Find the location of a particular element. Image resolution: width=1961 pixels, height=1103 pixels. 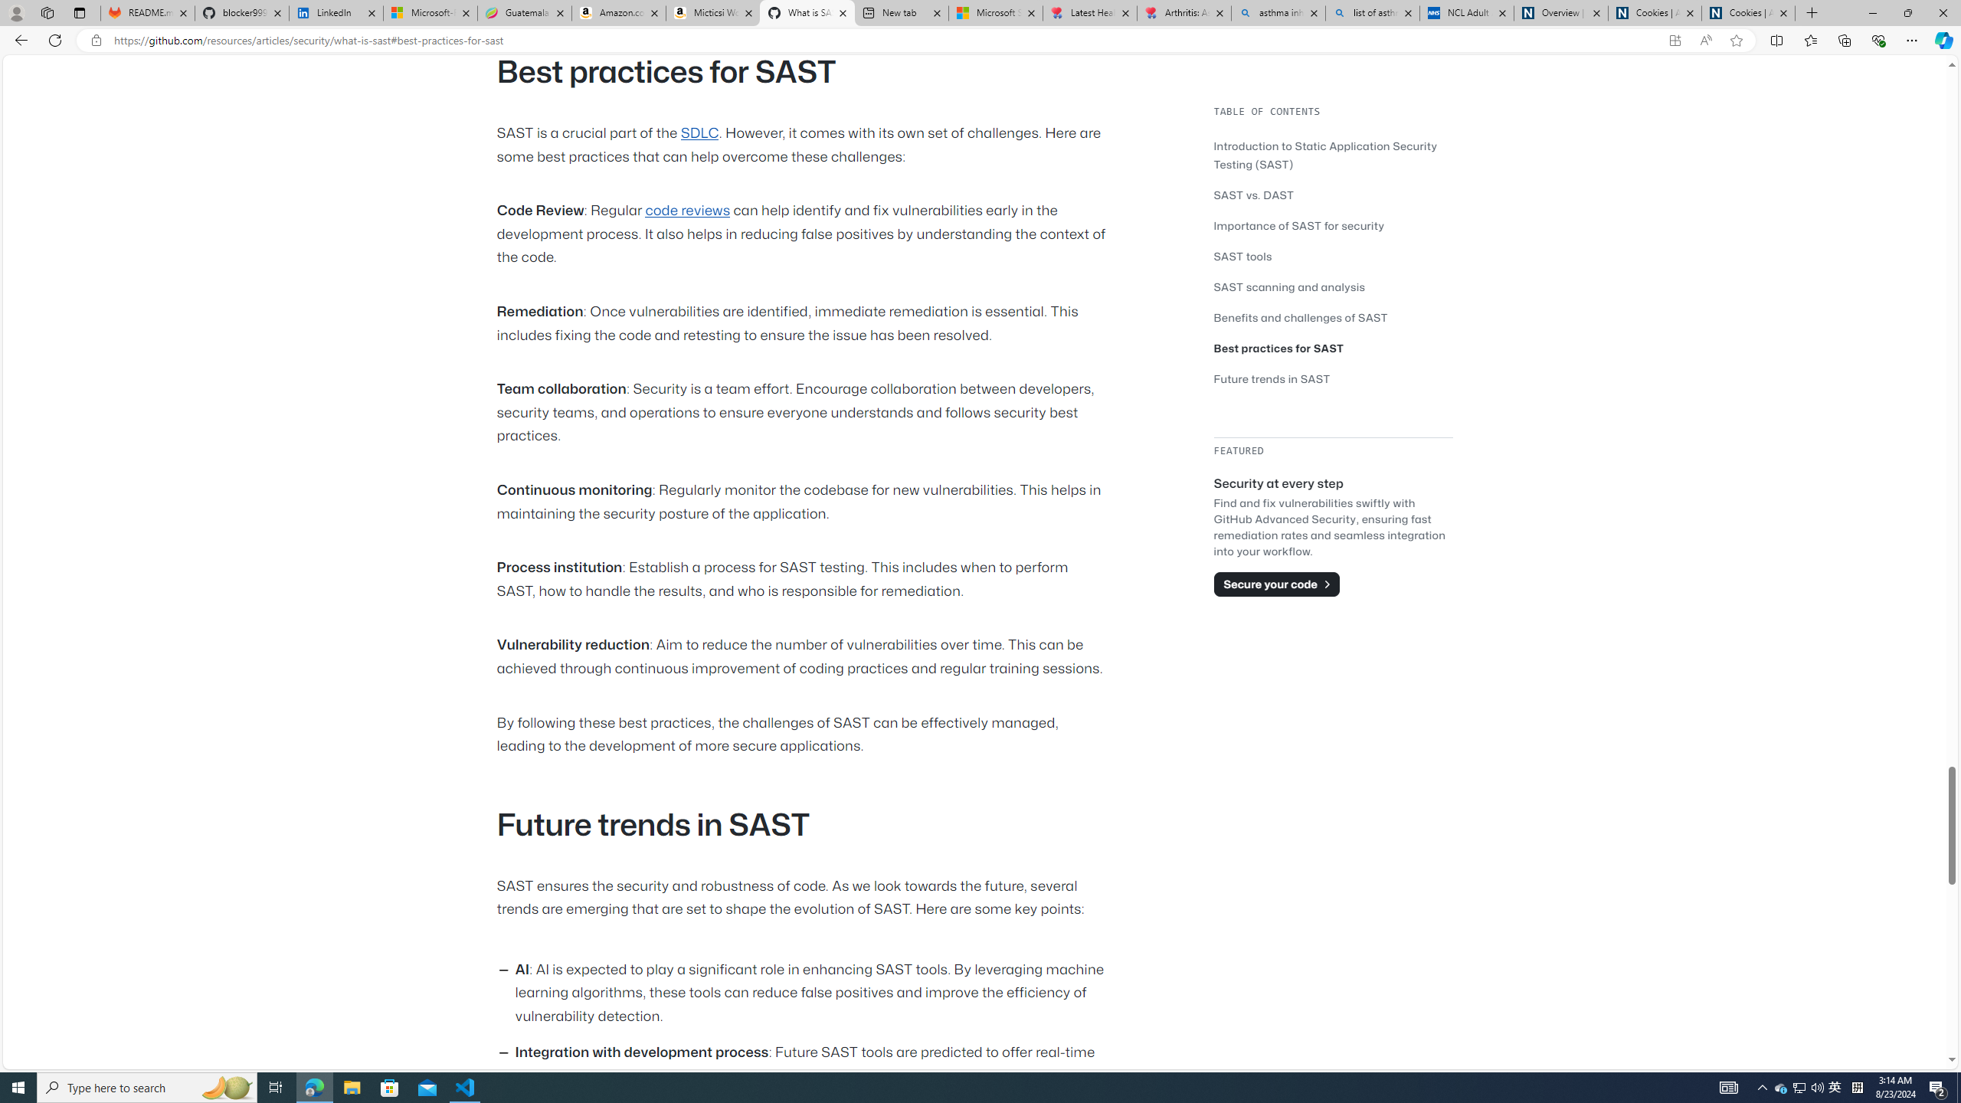

'Future trends in SAST' is located at coordinates (1272, 378).